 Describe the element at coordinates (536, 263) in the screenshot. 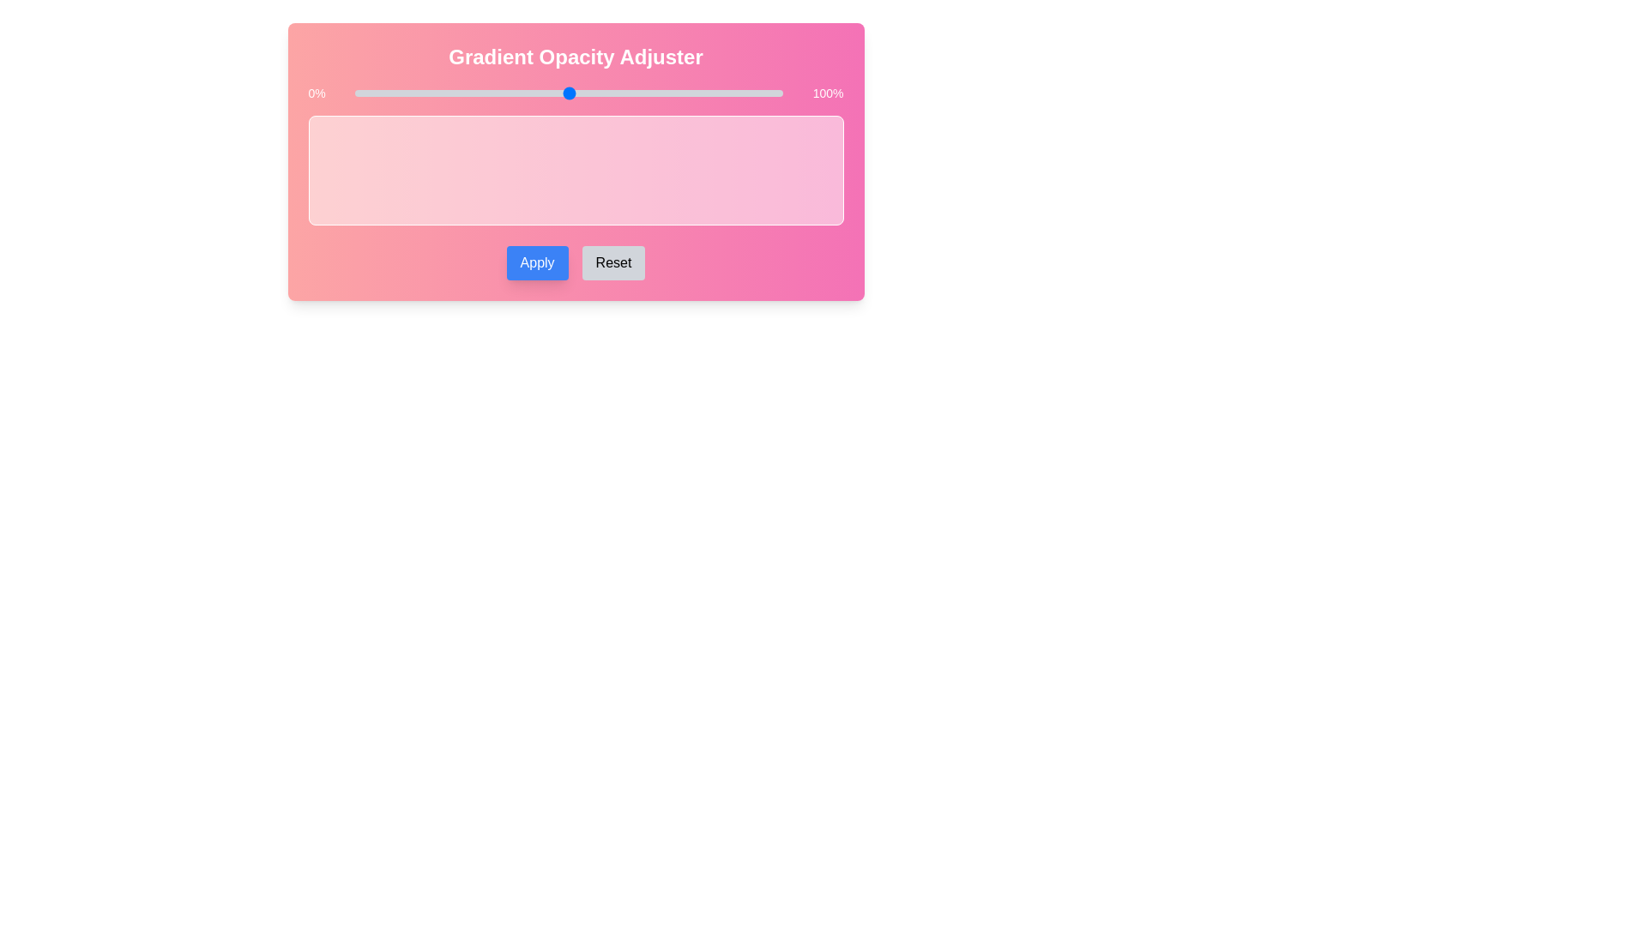

I see `the 'Apply' button` at that location.